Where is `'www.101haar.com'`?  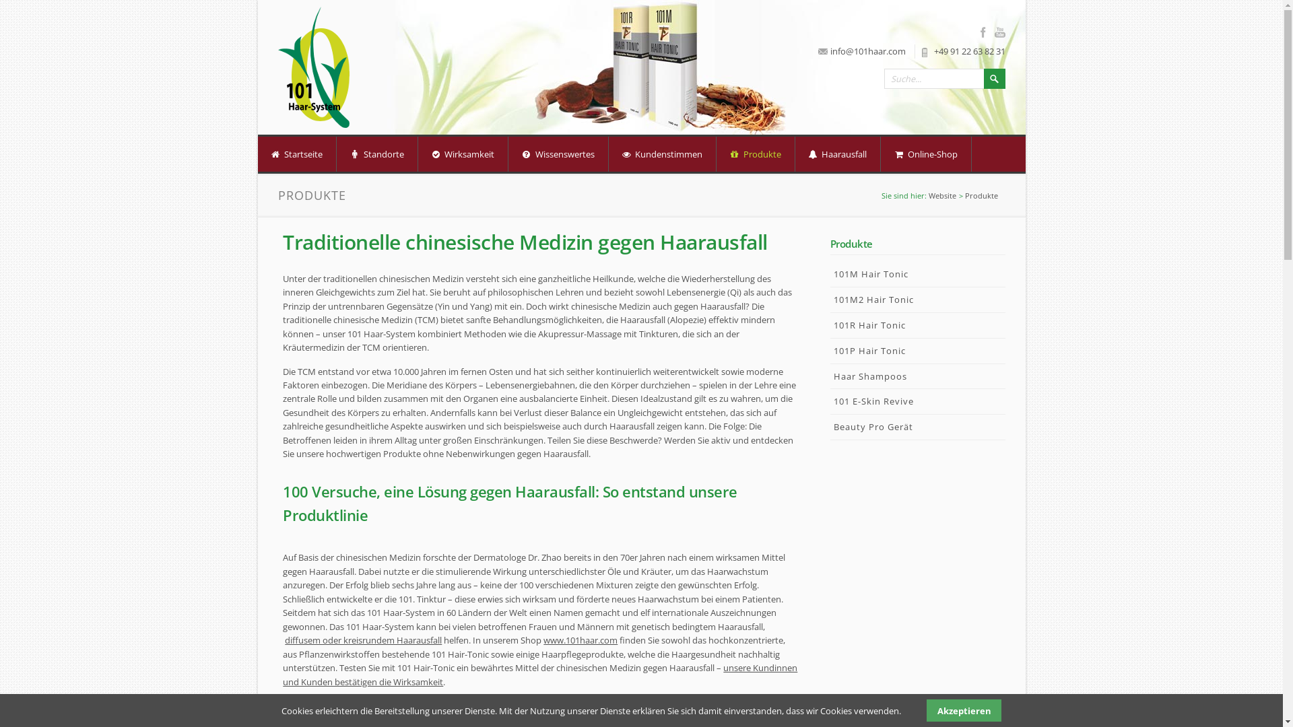
'www.101haar.com' is located at coordinates (581, 639).